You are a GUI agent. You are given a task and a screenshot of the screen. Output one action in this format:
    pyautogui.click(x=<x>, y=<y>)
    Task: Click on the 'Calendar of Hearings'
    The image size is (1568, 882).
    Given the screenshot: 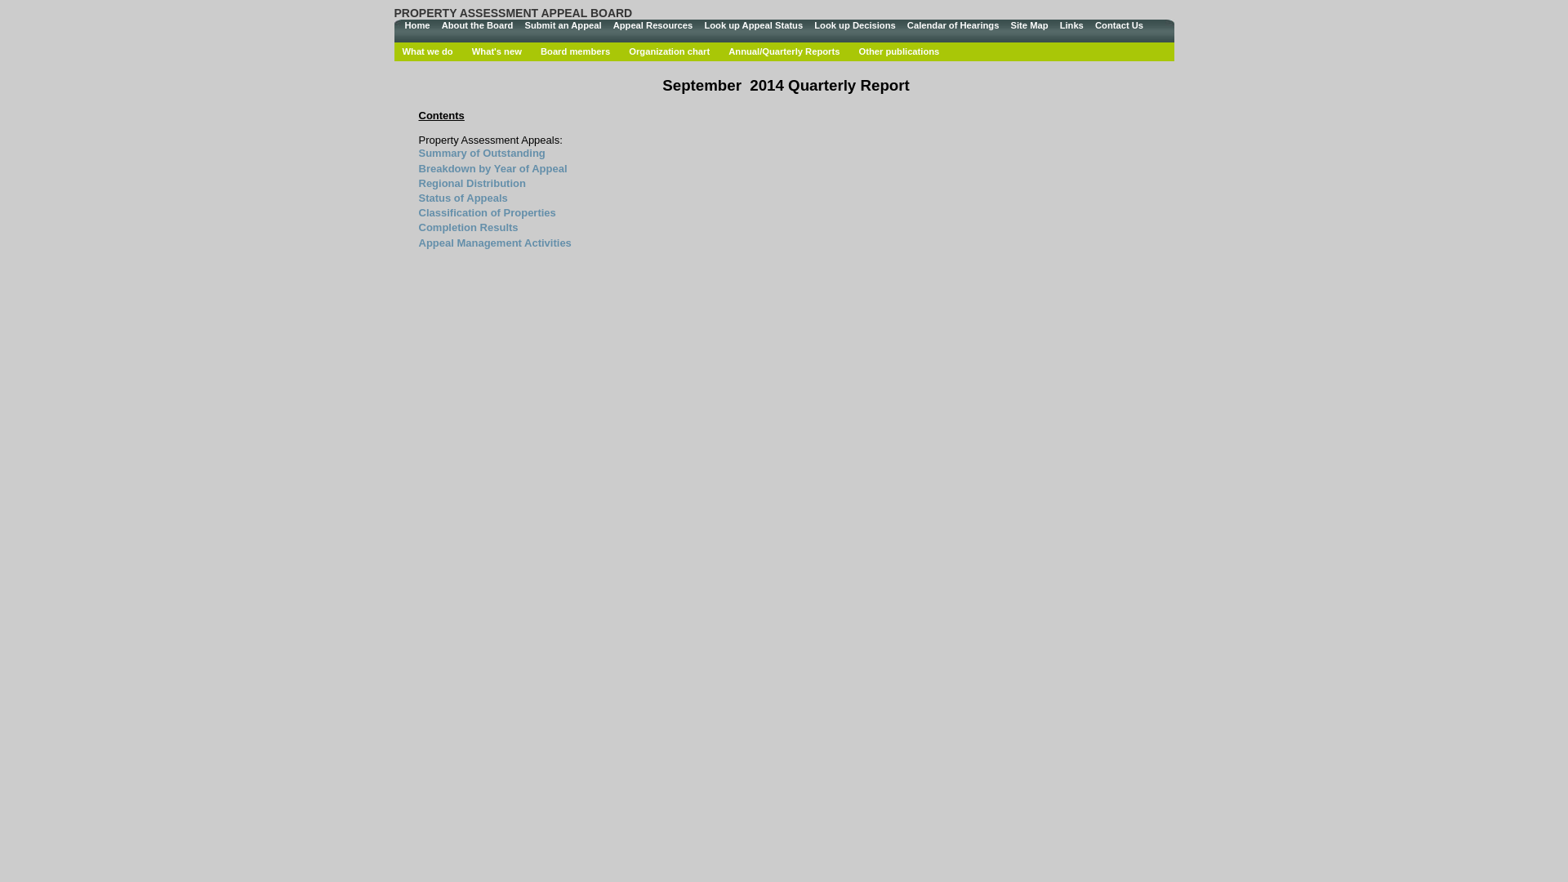 What is the action you would take?
    pyautogui.click(x=953, y=25)
    